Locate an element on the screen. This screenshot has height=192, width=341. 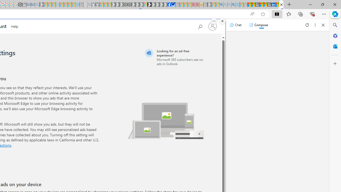
'Help' is located at coordinates (15, 26).